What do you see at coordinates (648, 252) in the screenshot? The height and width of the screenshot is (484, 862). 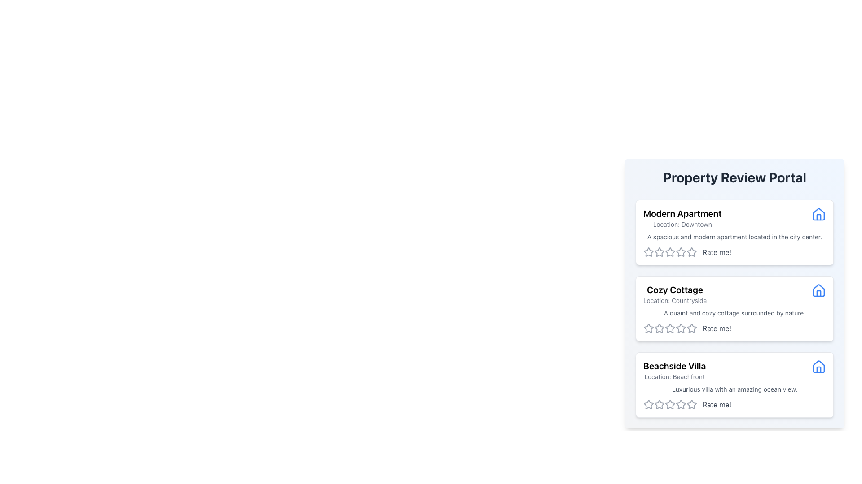 I see `the first star icon in the rating component to give a one-star rating for the 'Modern Apartment' listing, located under the 'Rate me!' text` at bounding box center [648, 252].